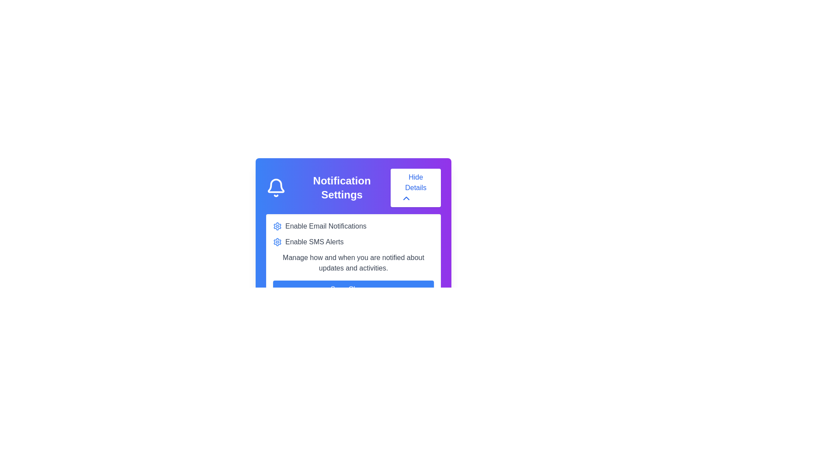 This screenshot has height=472, width=839. I want to click on the settings icon located at the beginning of the row containing the text 'Enable SMS Alerts', so click(277, 242).